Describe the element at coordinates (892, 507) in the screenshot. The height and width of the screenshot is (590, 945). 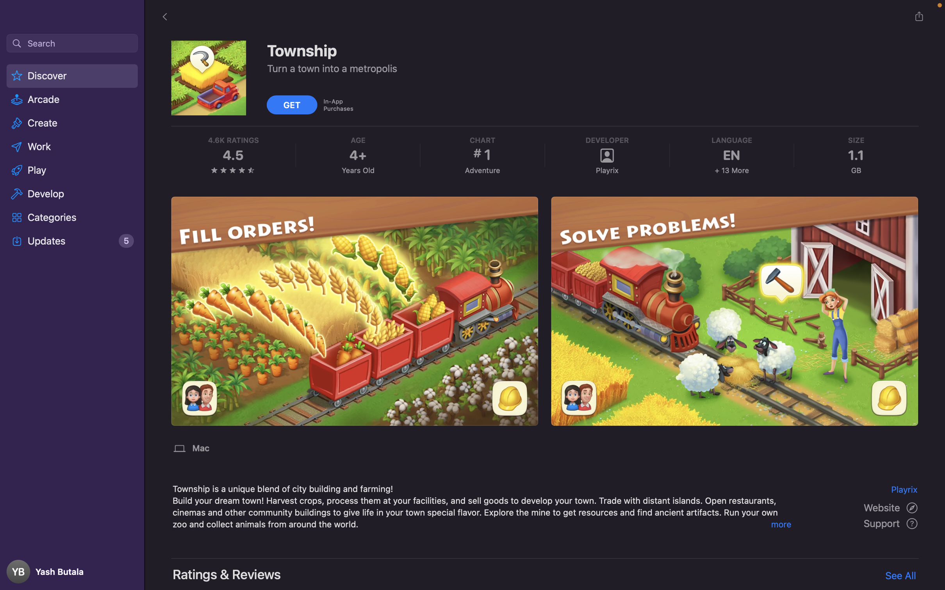
I see `the application"s webpage` at that location.